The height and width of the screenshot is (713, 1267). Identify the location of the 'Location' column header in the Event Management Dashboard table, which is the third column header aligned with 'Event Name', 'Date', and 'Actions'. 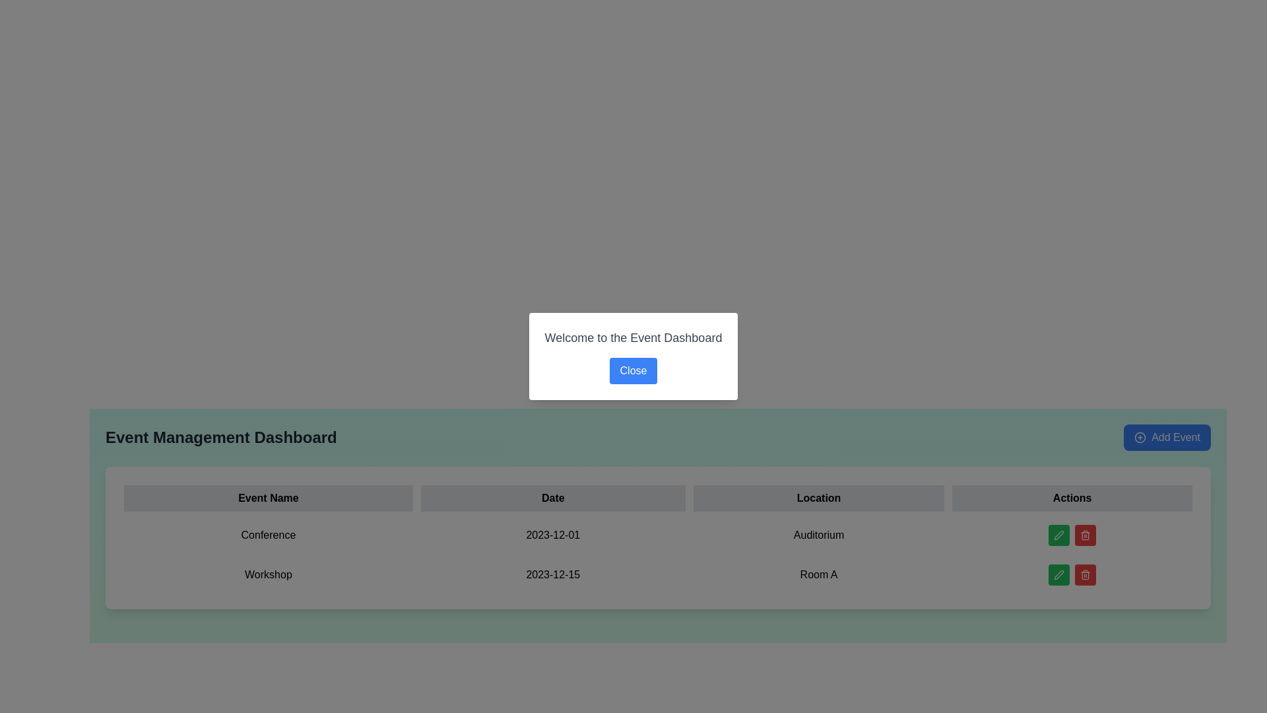
(818, 498).